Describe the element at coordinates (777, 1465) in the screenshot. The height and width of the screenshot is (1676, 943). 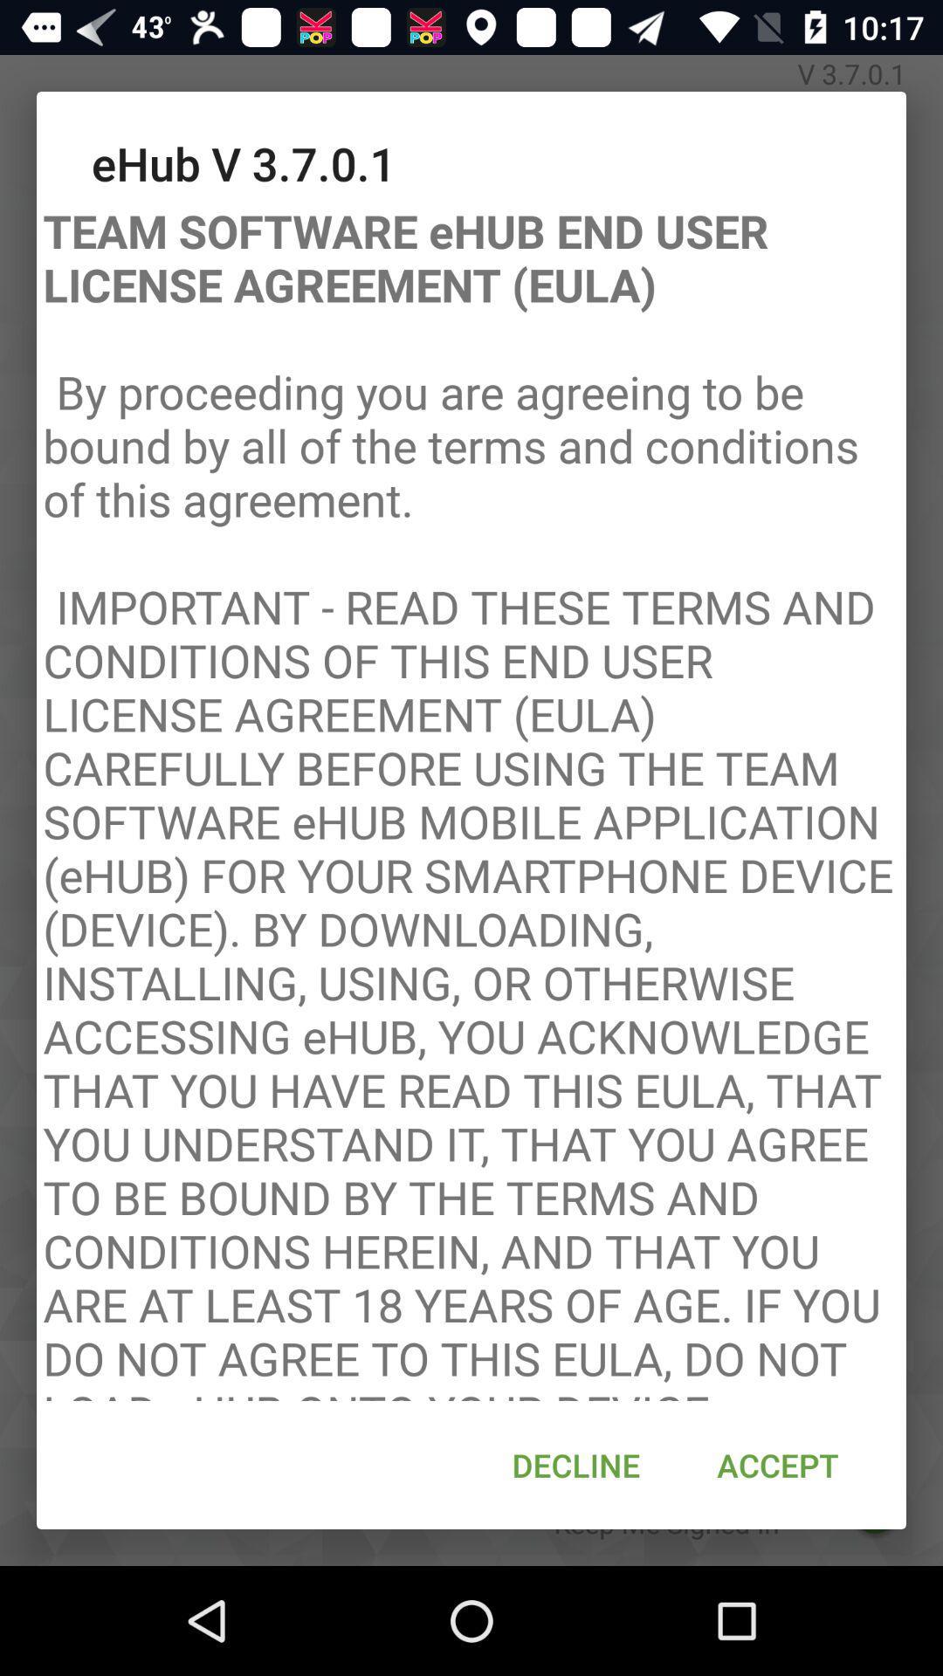
I see `item below the team software ehub` at that location.